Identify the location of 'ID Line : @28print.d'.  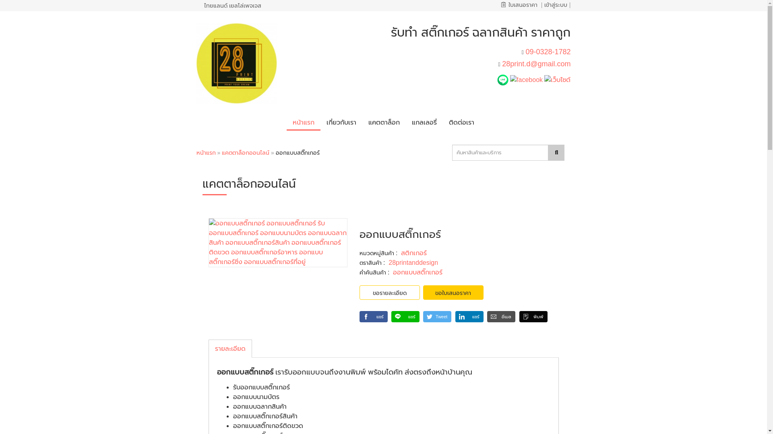
(503, 79).